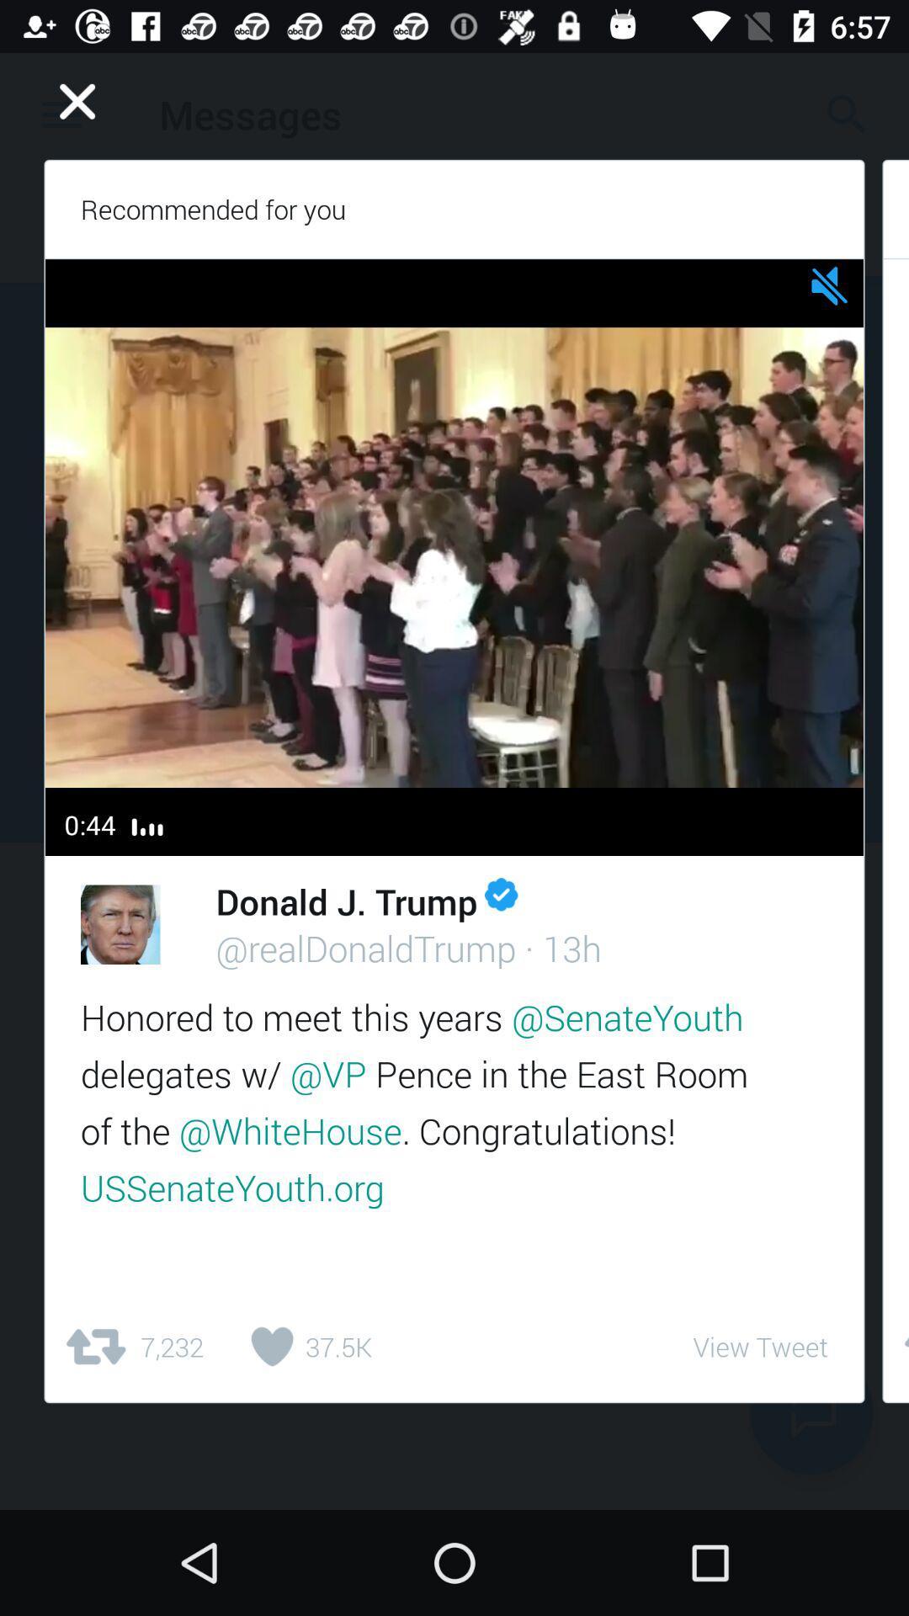 Image resolution: width=909 pixels, height=1616 pixels. What do you see at coordinates (895, 1347) in the screenshot?
I see `the 2,986 item` at bounding box center [895, 1347].